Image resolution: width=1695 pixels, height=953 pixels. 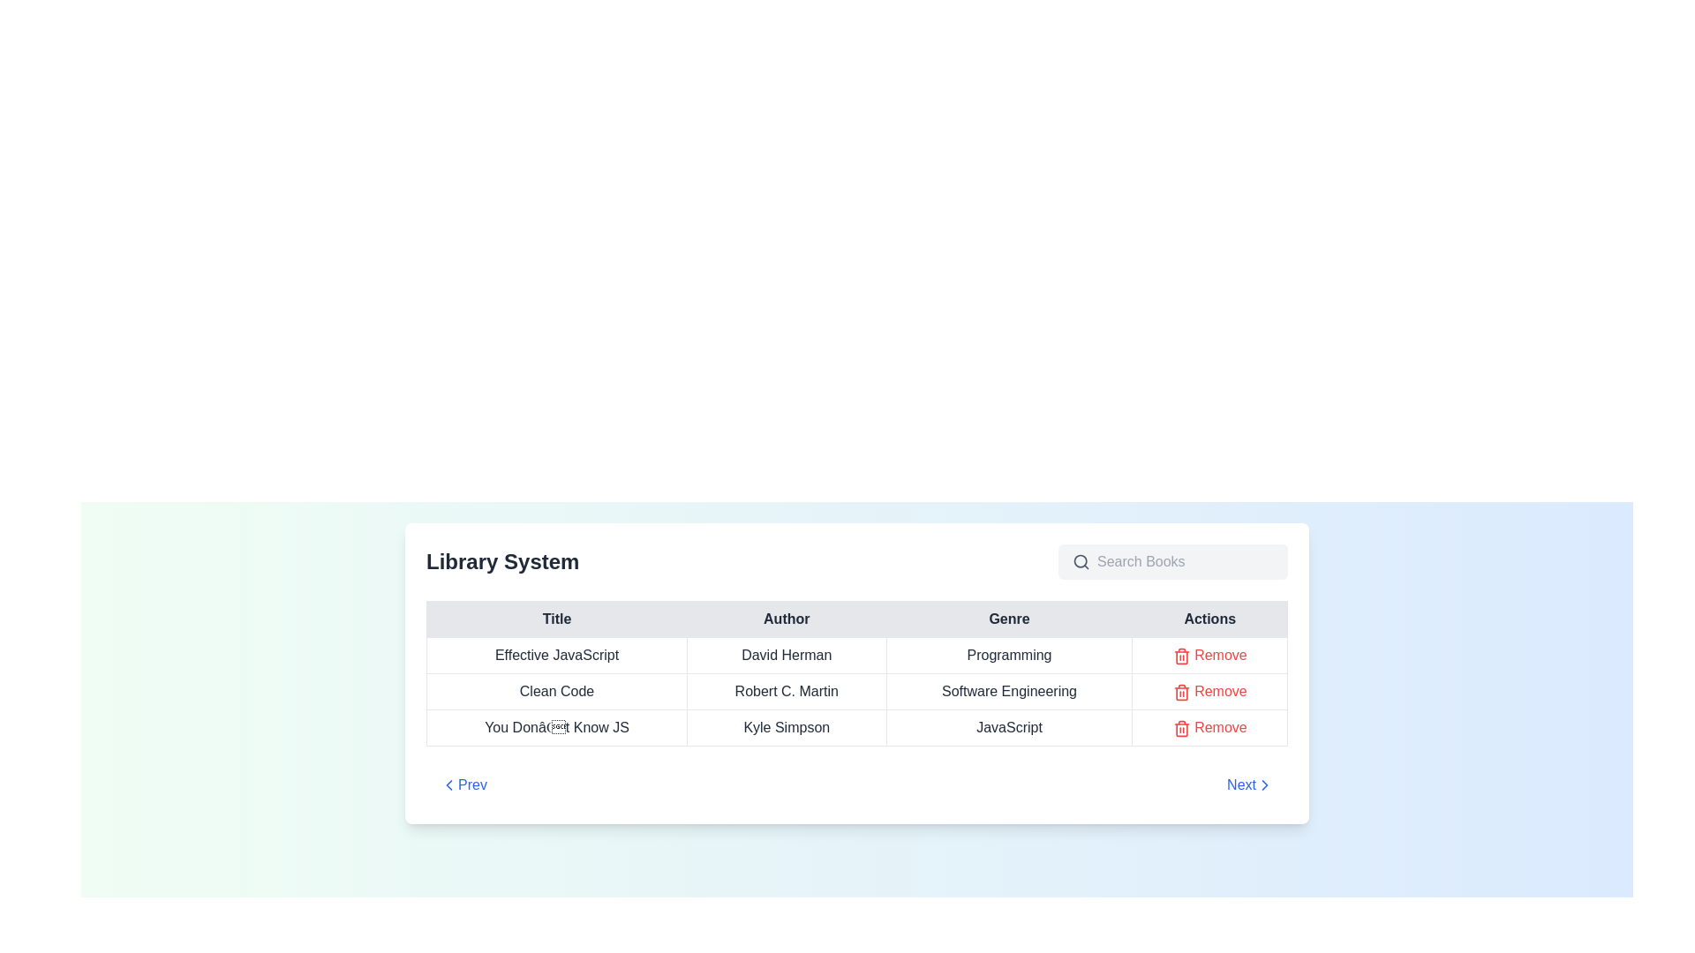 What do you see at coordinates (1181, 656) in the screenshot?
I see `the red trash can icon located in the 'Actions' column next to the 'Remove' text to invoke the delete action` at bounding box center [1181, 656].